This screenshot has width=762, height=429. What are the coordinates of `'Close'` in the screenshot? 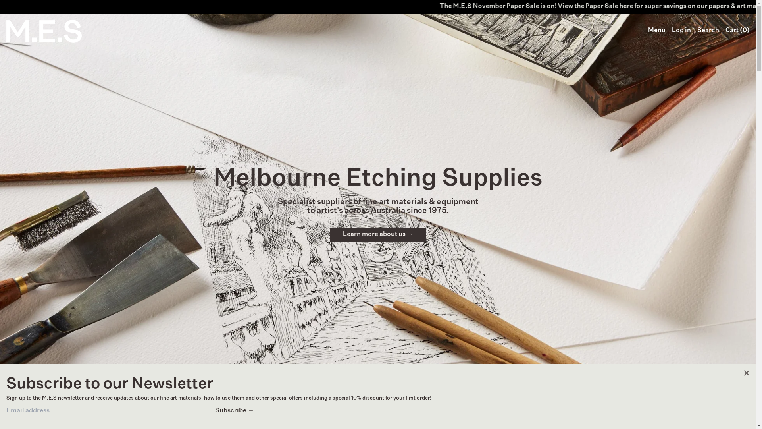 It's located at (746, 374).